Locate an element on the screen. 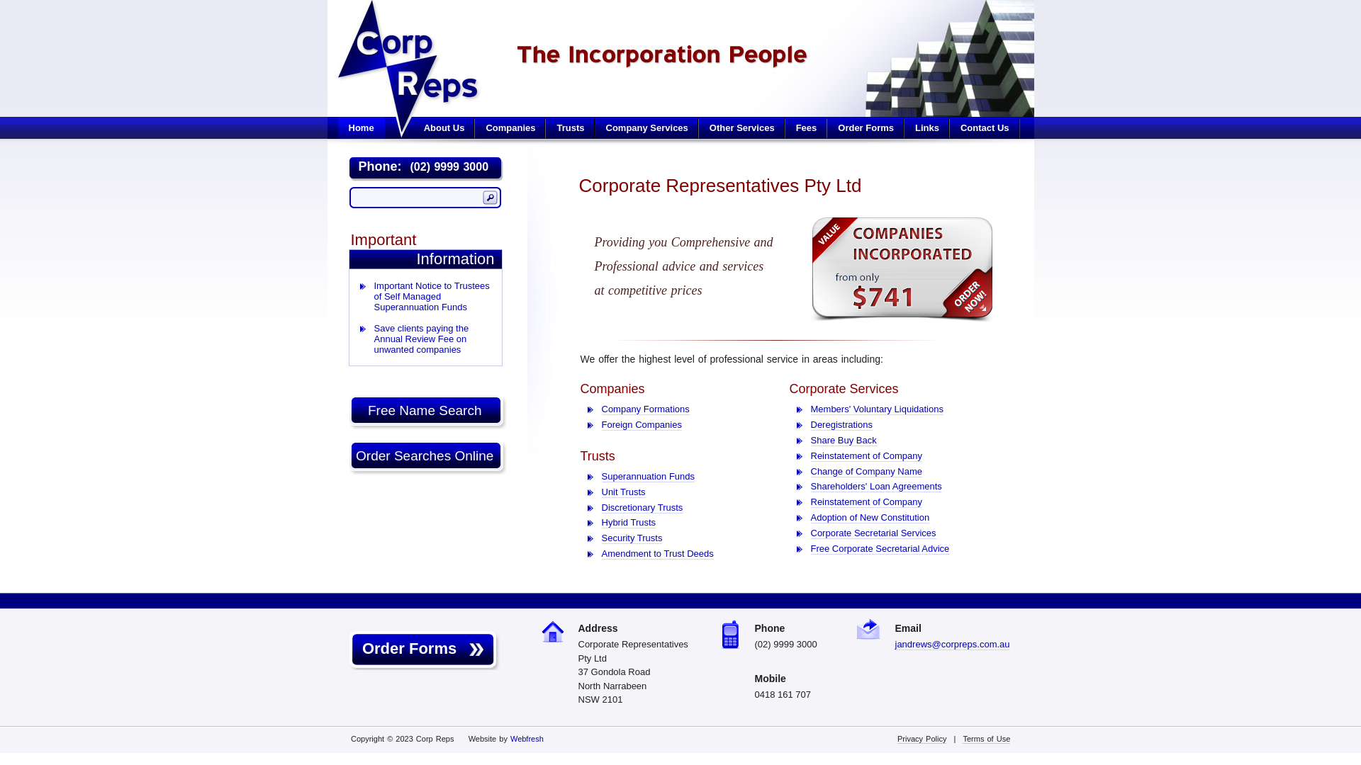 The height and width of the screenshot is (765, 1361). 'Free Corporate Secretarial Advice' is located at coordinates (810, 548).